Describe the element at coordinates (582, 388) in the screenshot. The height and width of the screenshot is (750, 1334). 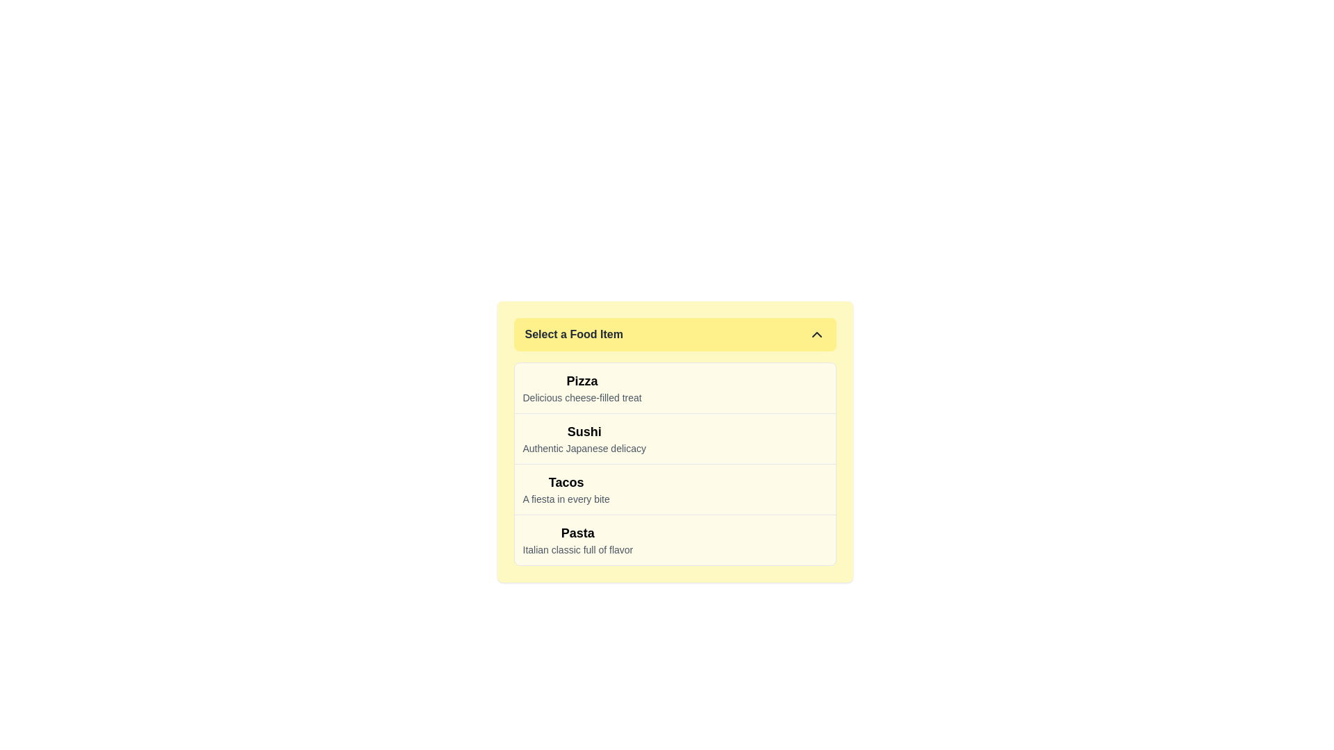
I see `the text display element showing 'Pizza' as the title and 'Delicious cheese-filled treat' as the description` at that location.